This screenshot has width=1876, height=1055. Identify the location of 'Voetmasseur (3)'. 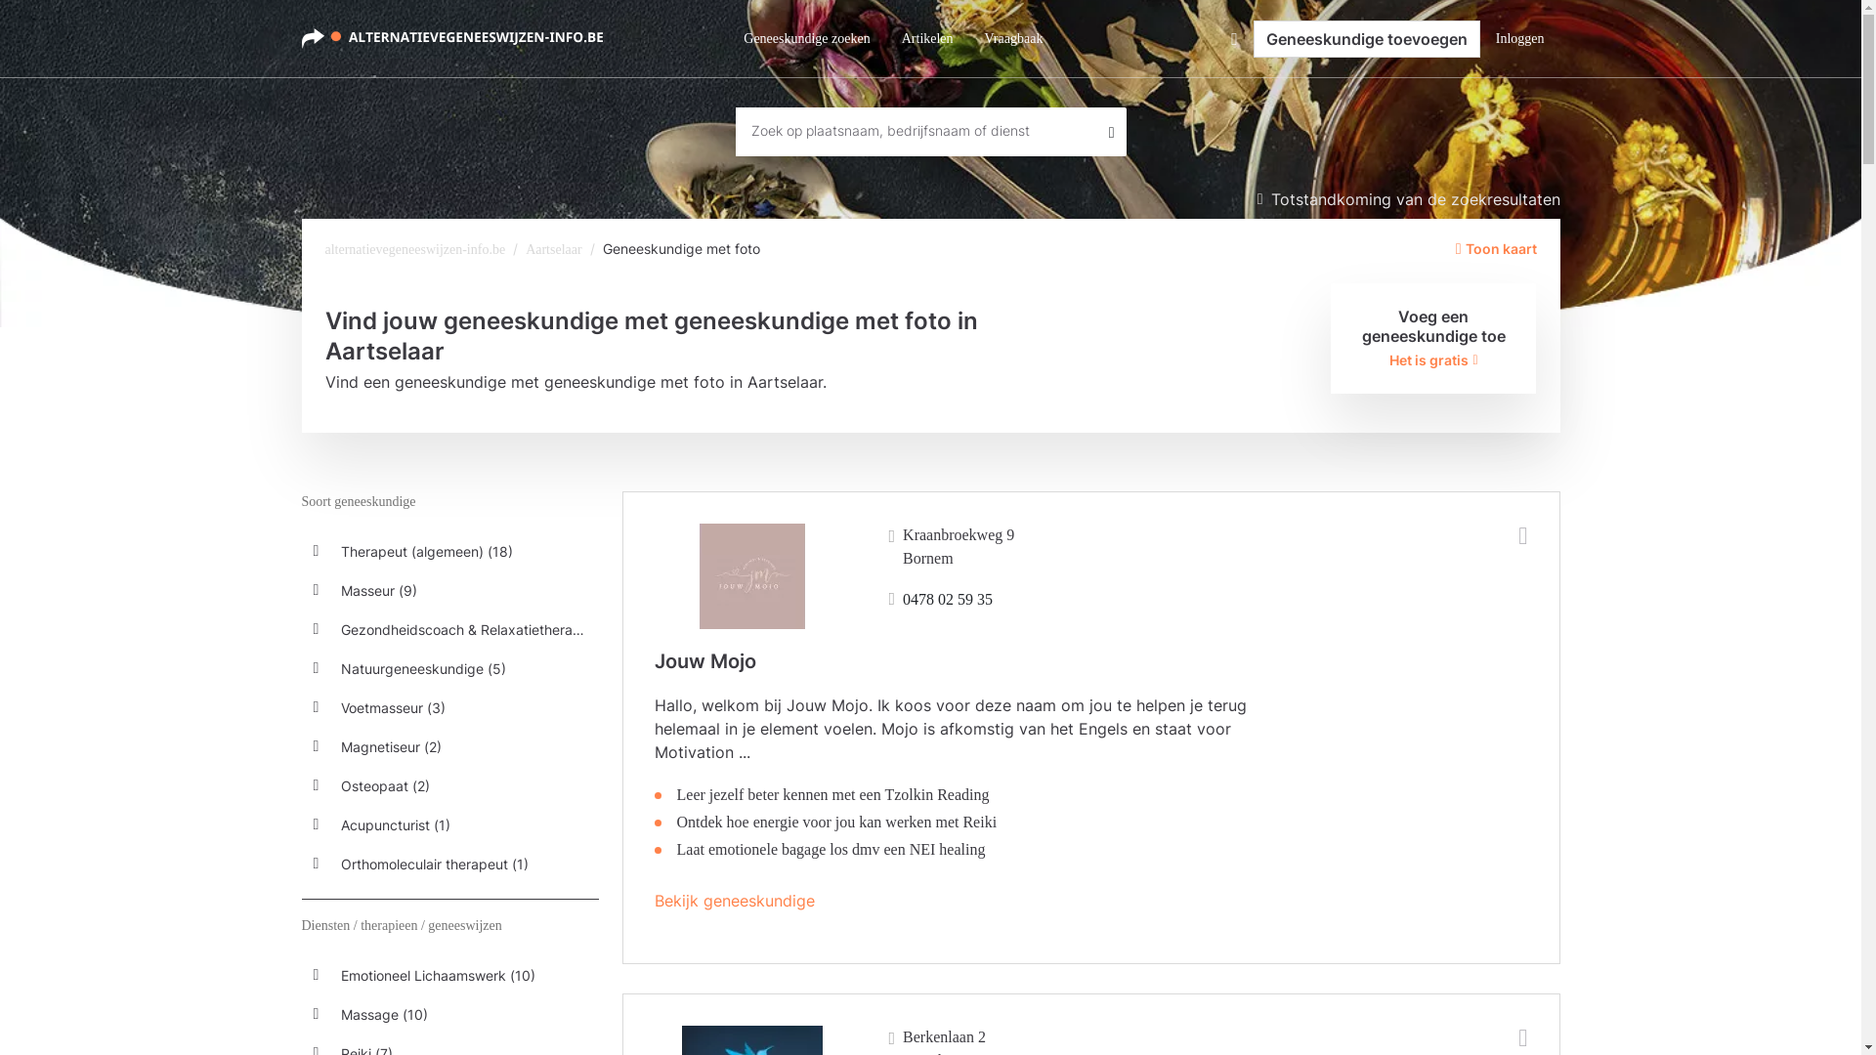
(448, 707).